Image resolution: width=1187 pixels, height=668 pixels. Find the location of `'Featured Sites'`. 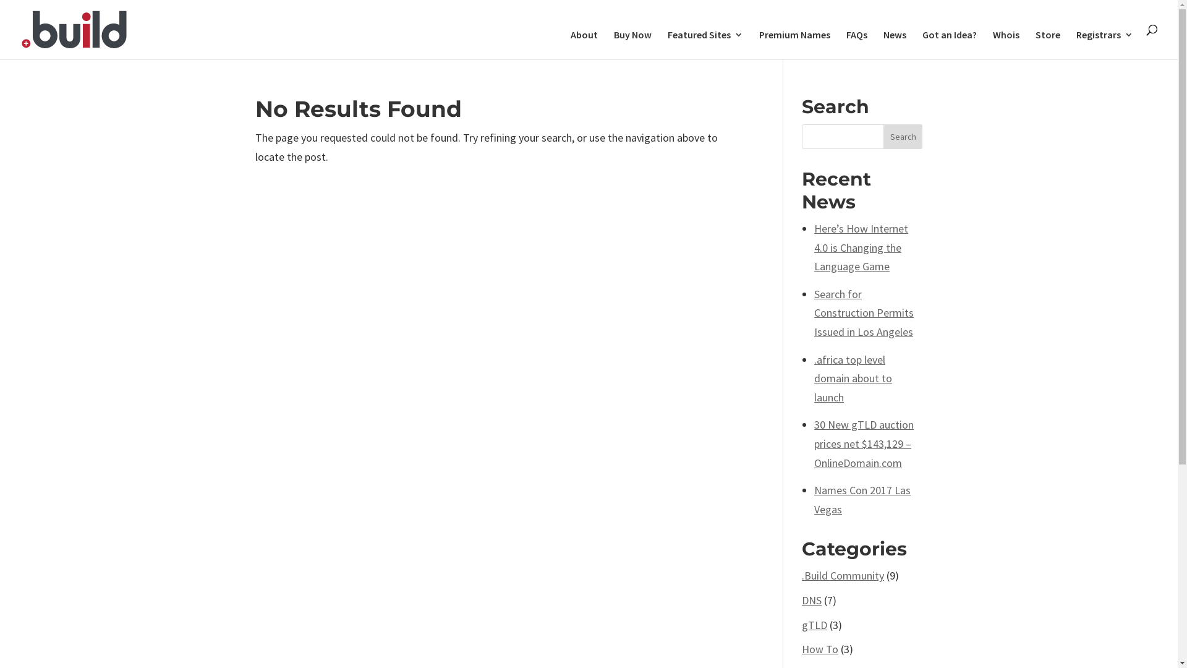

'Featured Sites' is located at coordinates (667, 44).